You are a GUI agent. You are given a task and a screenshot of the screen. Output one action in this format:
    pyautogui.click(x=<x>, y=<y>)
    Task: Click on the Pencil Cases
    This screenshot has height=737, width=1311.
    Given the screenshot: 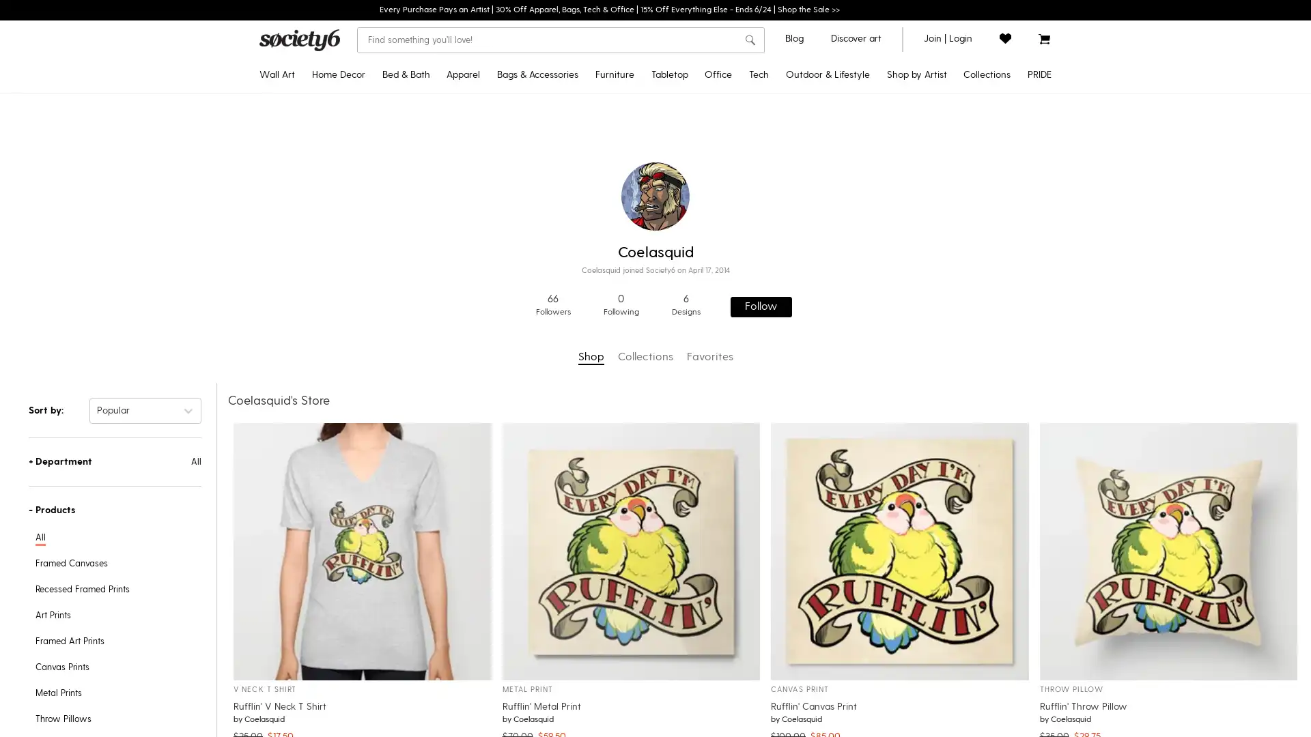 What is the action you would take?
    pyautogui.click(x=752, y=241)
    